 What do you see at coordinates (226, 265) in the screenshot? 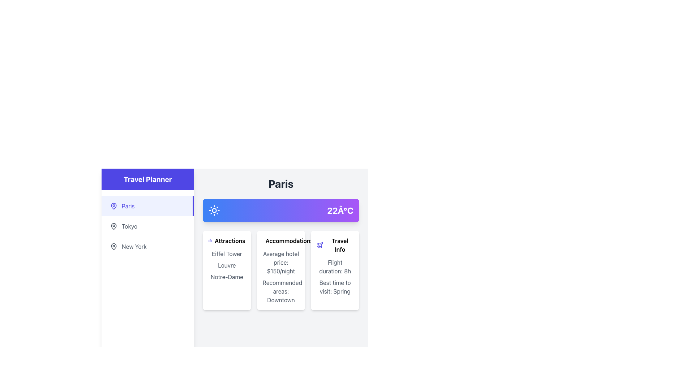
I see `the Text content block that displays a list of popular attractions, located centrally within the card, after the 'Attractions' header and camera icon` at bounding box center [226, 265].